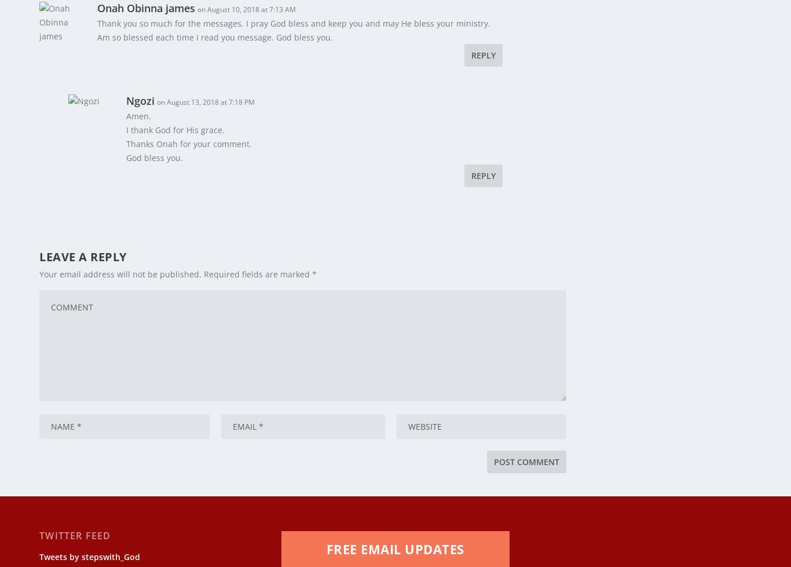 This screenshot has height=567, width=791. I want to click on 'Tweets by stepswith_God', so click(89, 548).